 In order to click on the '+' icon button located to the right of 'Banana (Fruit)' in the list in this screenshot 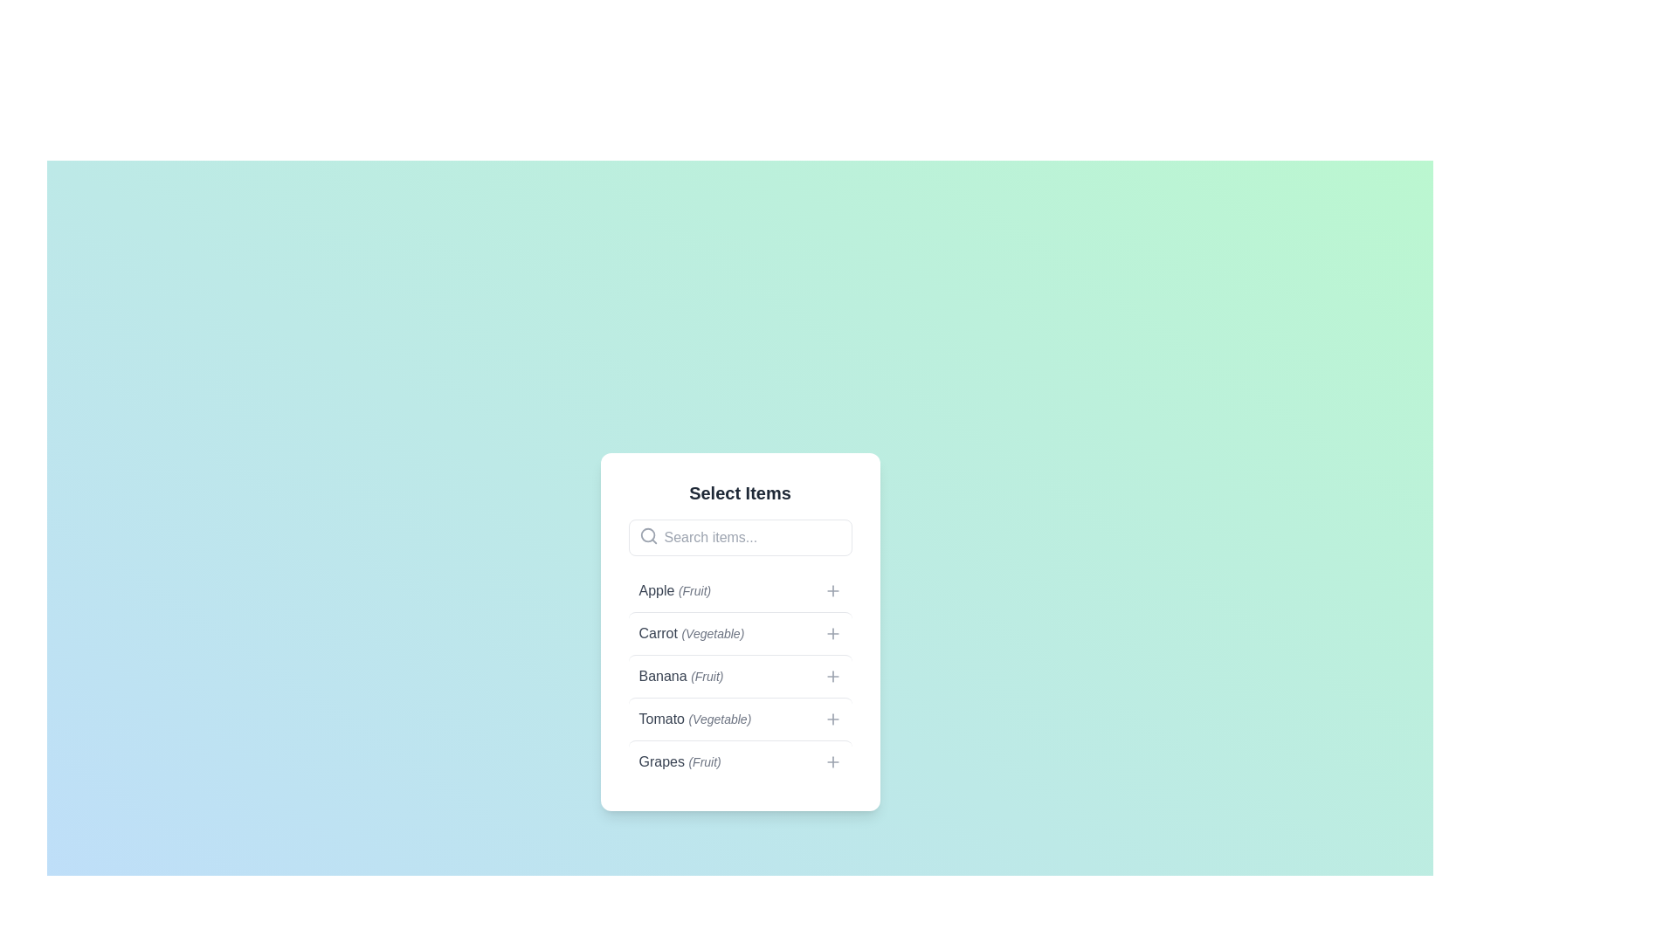, I will do `click(832, 676)`.